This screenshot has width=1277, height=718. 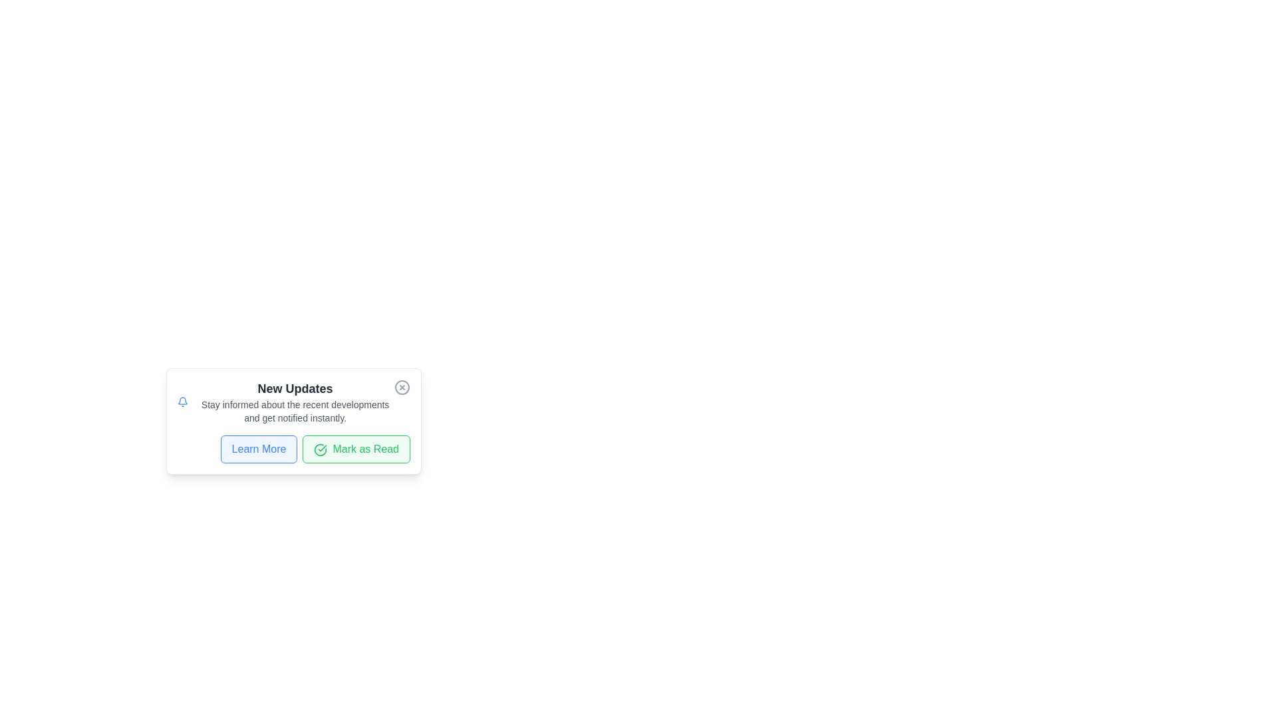 What do you see at coordinates (295, 402) in the screenshot?
I see `the Informational text block located at the top of the notification card, which provides context for recent updates and is situated to the right of the blue bell icon` at bounding box center [295, 402].